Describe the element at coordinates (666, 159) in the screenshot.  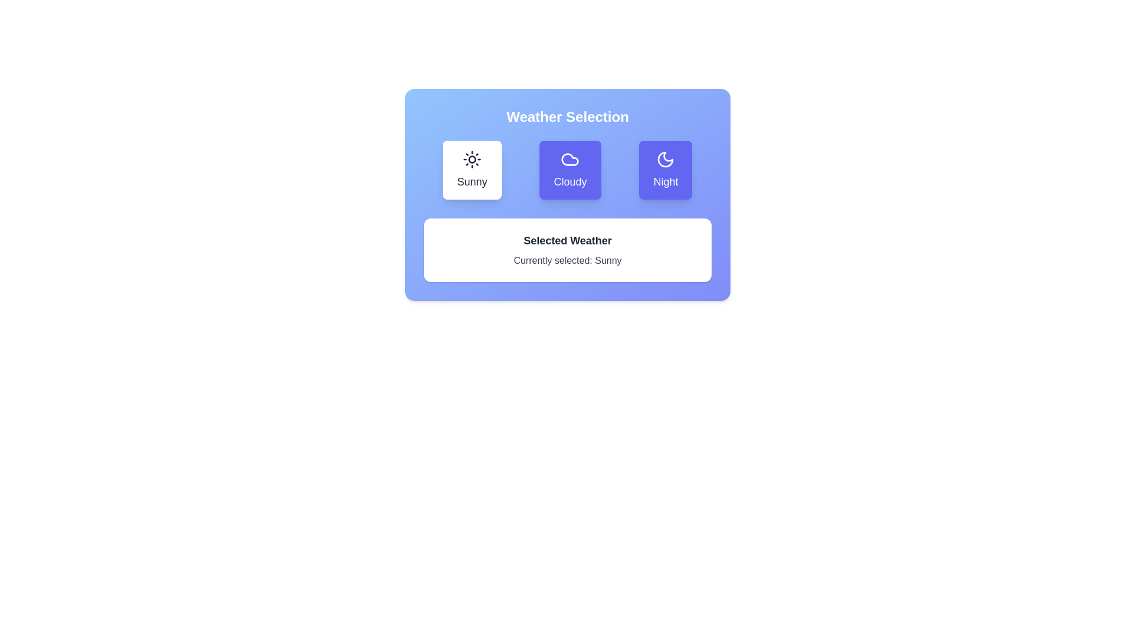
I see `the graphical representation of the 'Night' weather option icon located within the Weather Selection interface` at that location.